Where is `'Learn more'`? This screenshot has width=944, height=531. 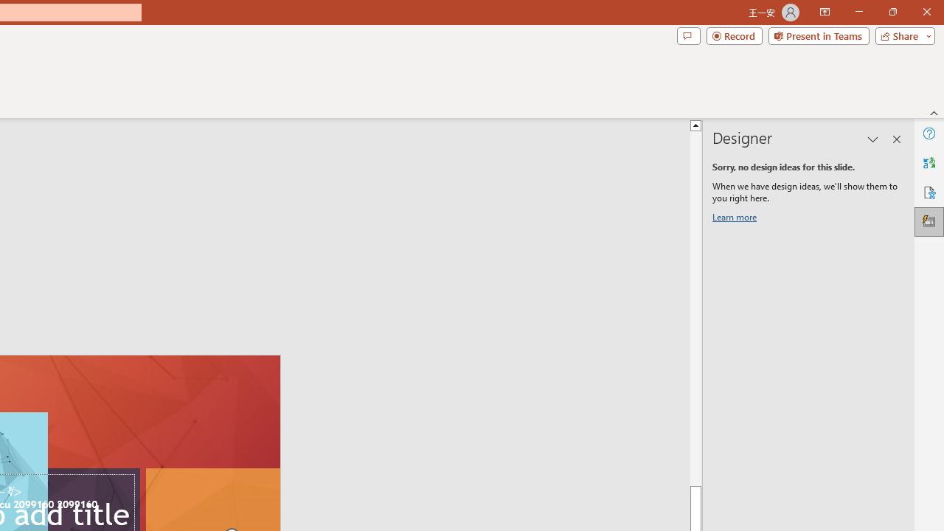 'Learn more' is located at coordinates (737, 220).